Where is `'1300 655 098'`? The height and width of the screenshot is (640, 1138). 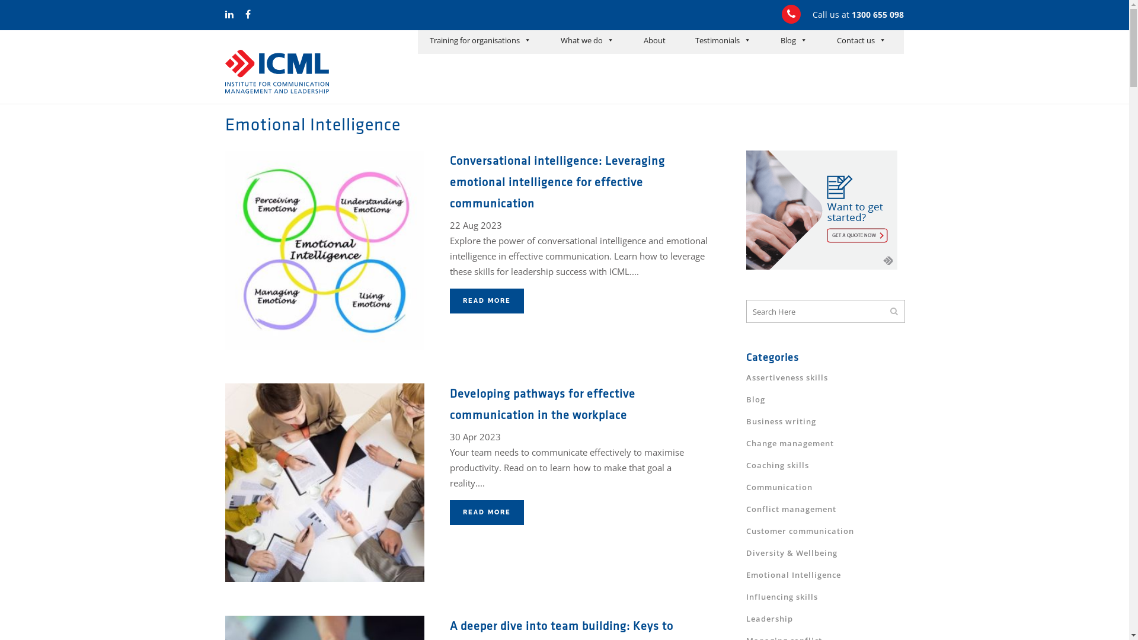
'1300 655 098' is located at coordinates (878, 14).